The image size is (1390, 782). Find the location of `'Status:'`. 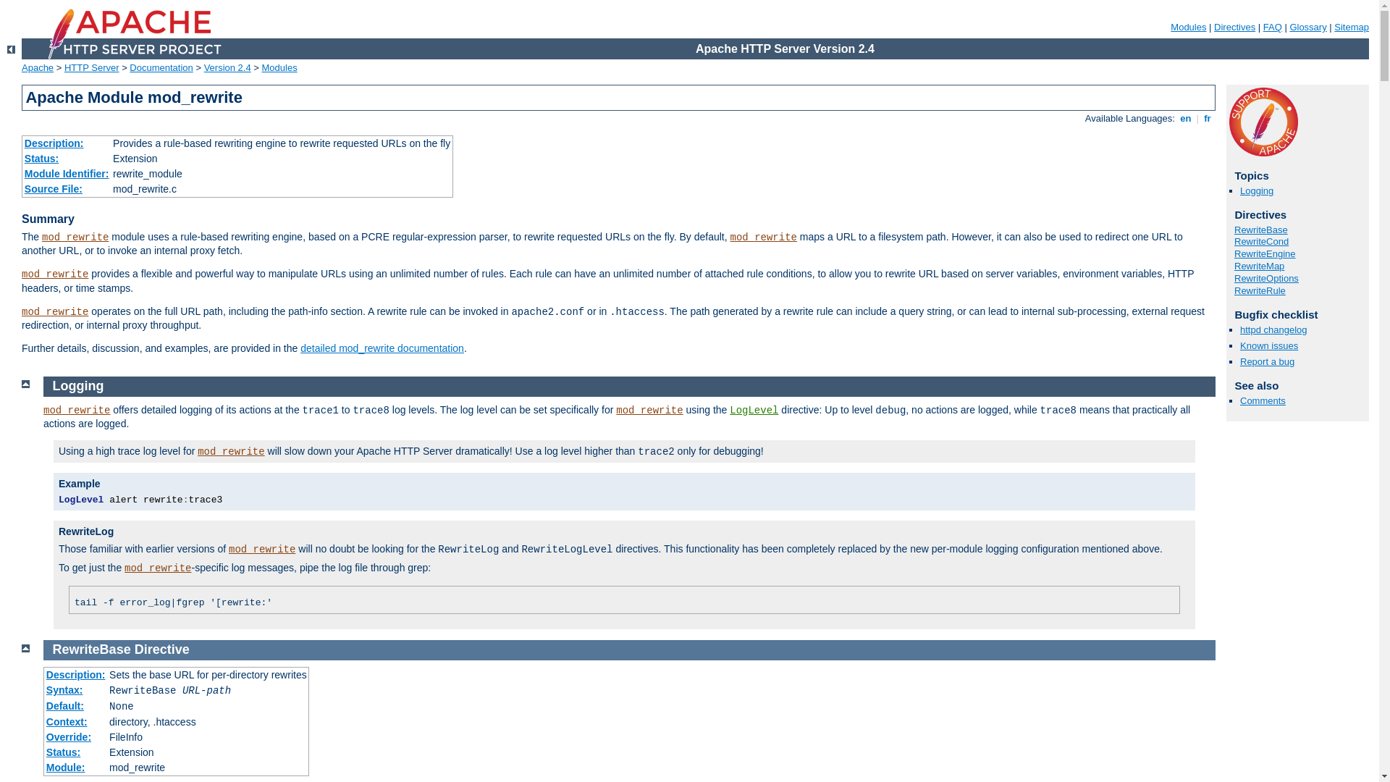

'Status:' is located at coordinates (41, 159).